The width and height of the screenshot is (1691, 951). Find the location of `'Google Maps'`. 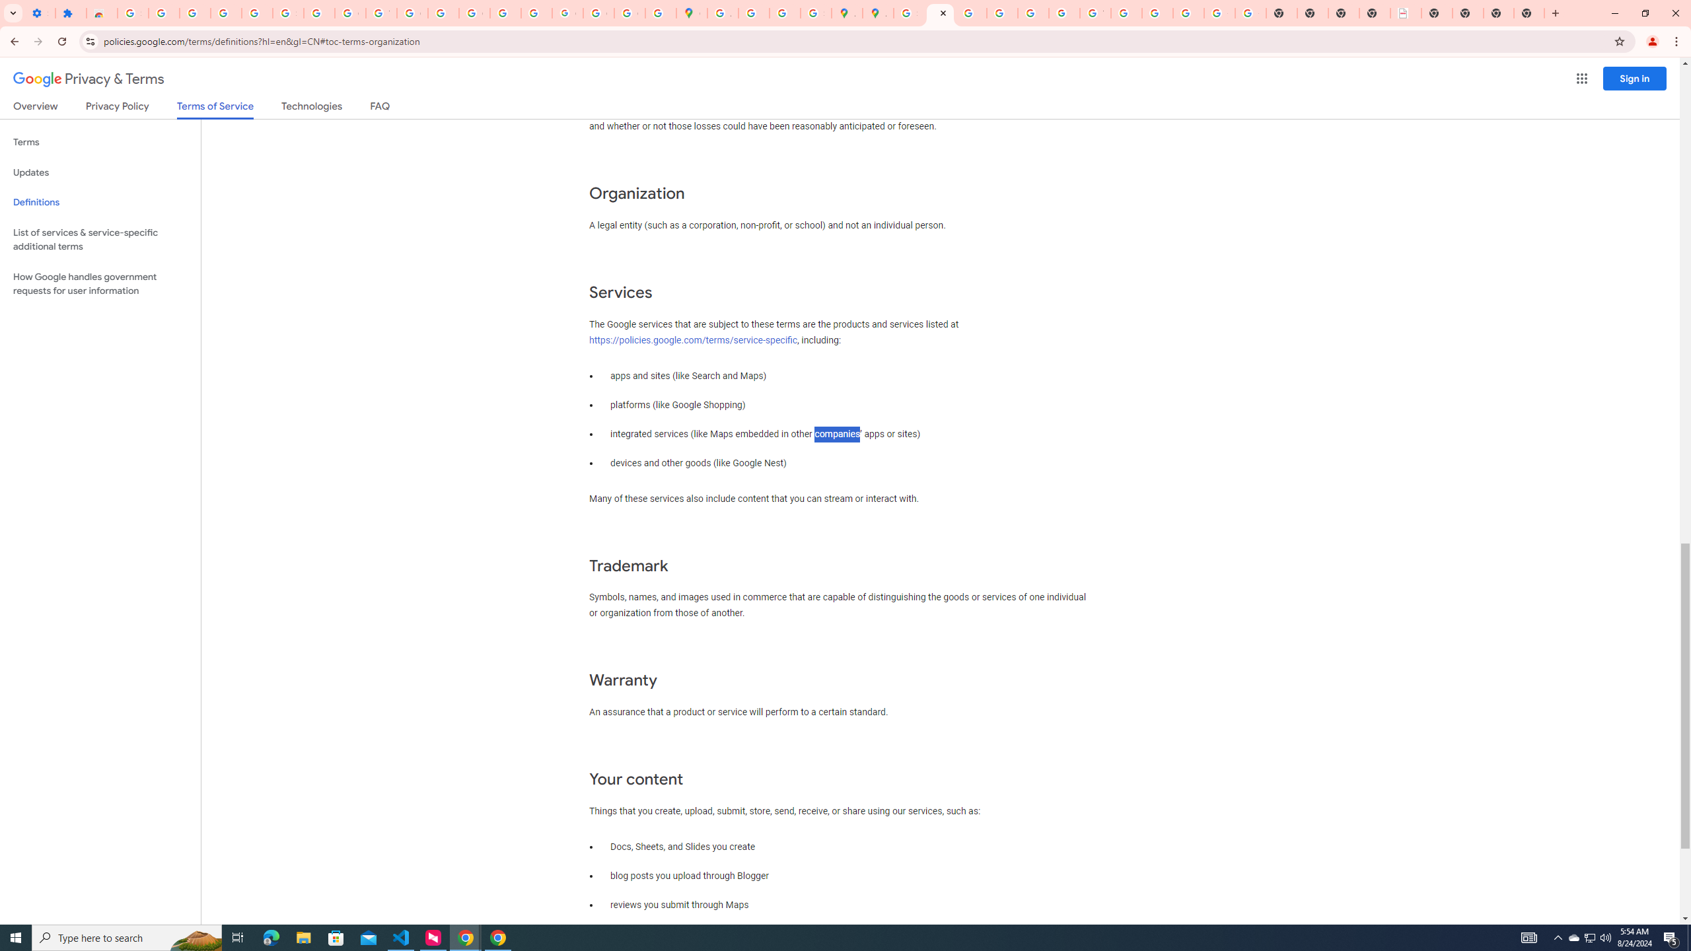

'Google Maps' is located at coordinates (692, 13).